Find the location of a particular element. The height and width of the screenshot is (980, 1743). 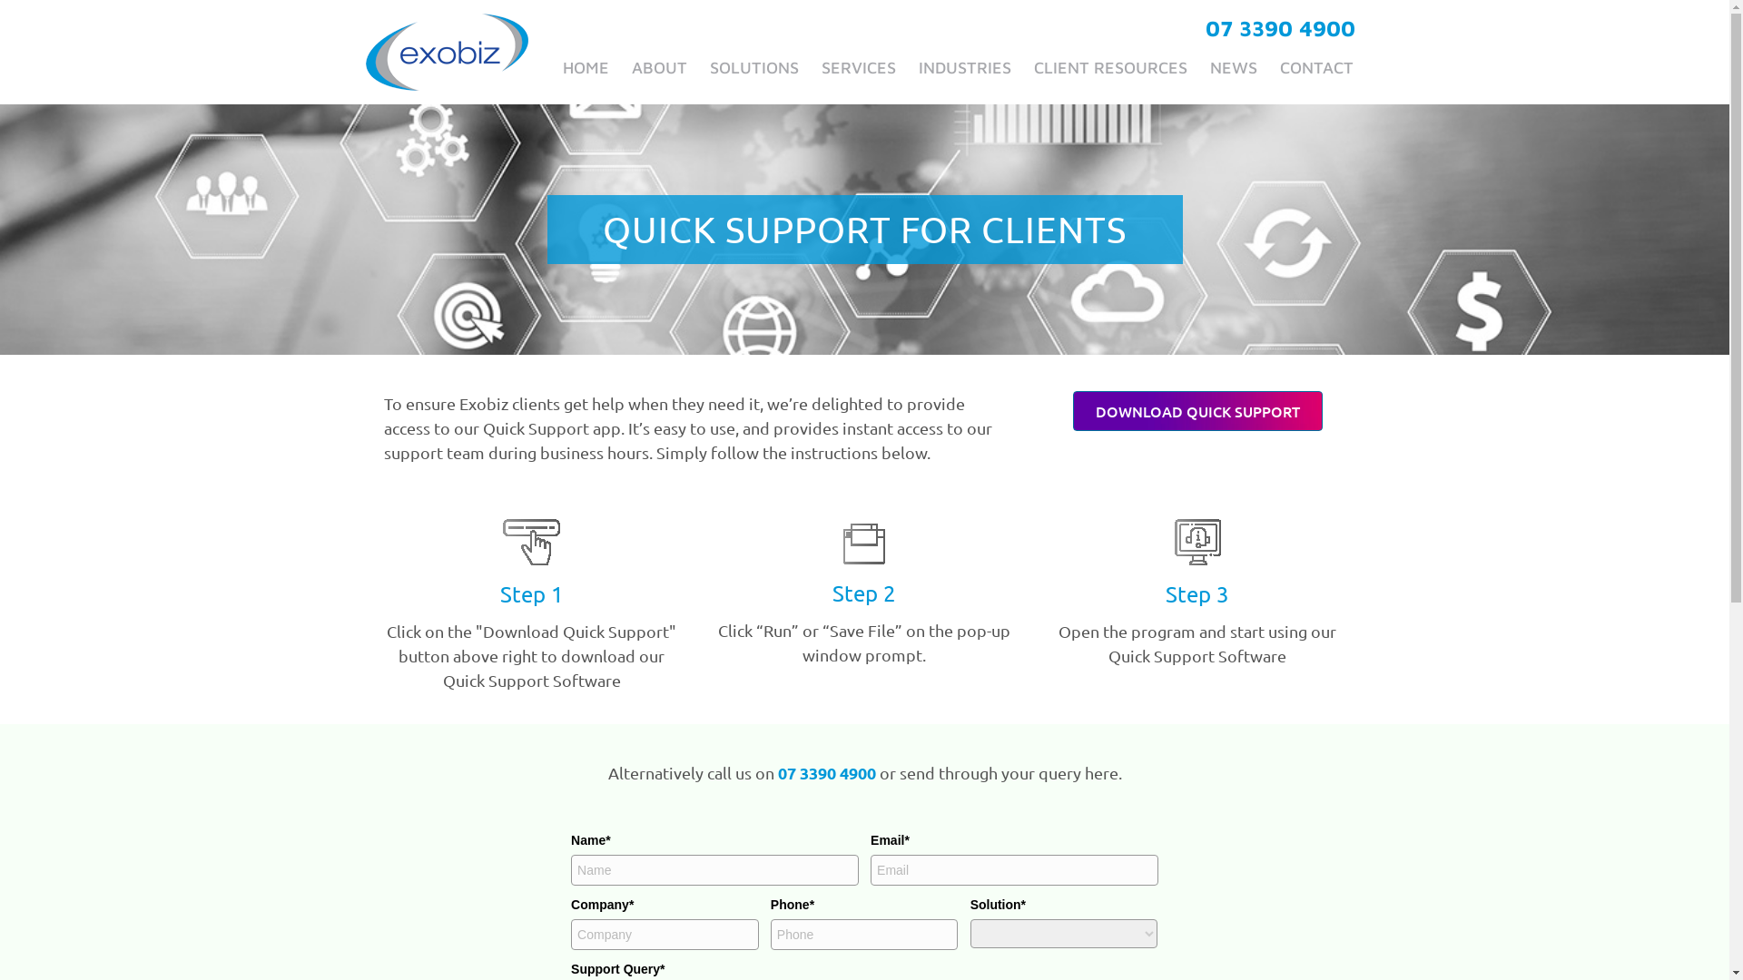

'INDUSTRIES' is located at coordinates (963, 66).